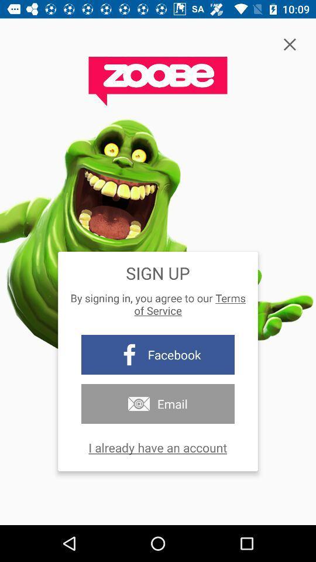 This screenshot has width=316, height=562. What do you see at coordinates (289, 44) in the screenshot?
I see `the item at the top right corner` at bounding box center [289, 44].